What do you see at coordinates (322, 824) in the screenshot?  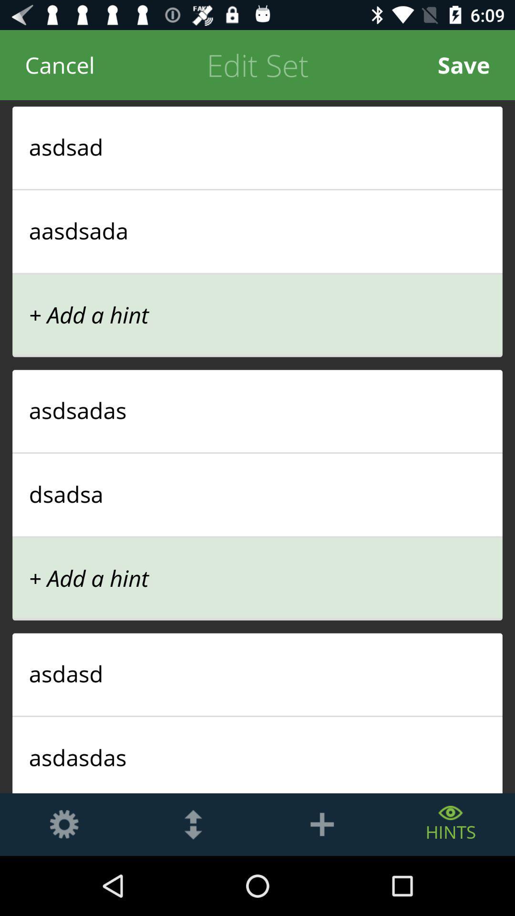 I see `the add icon` at bounding box center [322, 824].